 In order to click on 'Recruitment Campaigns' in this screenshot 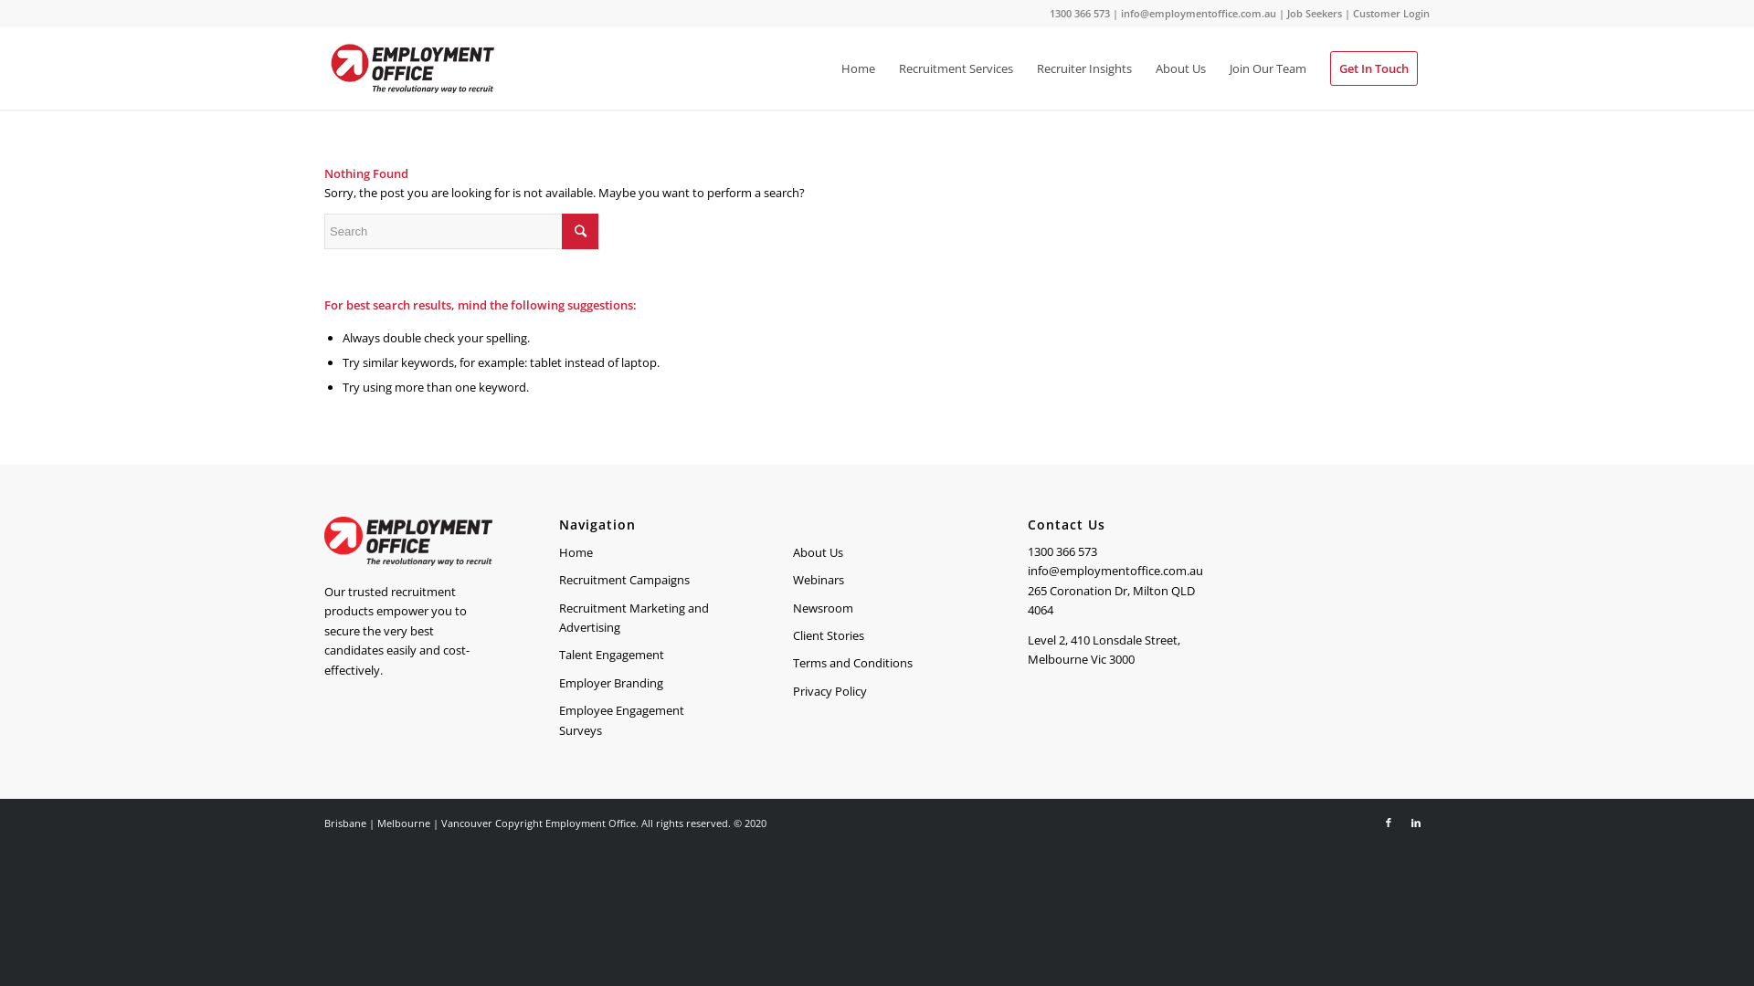, I will do `click(643, 581)`.